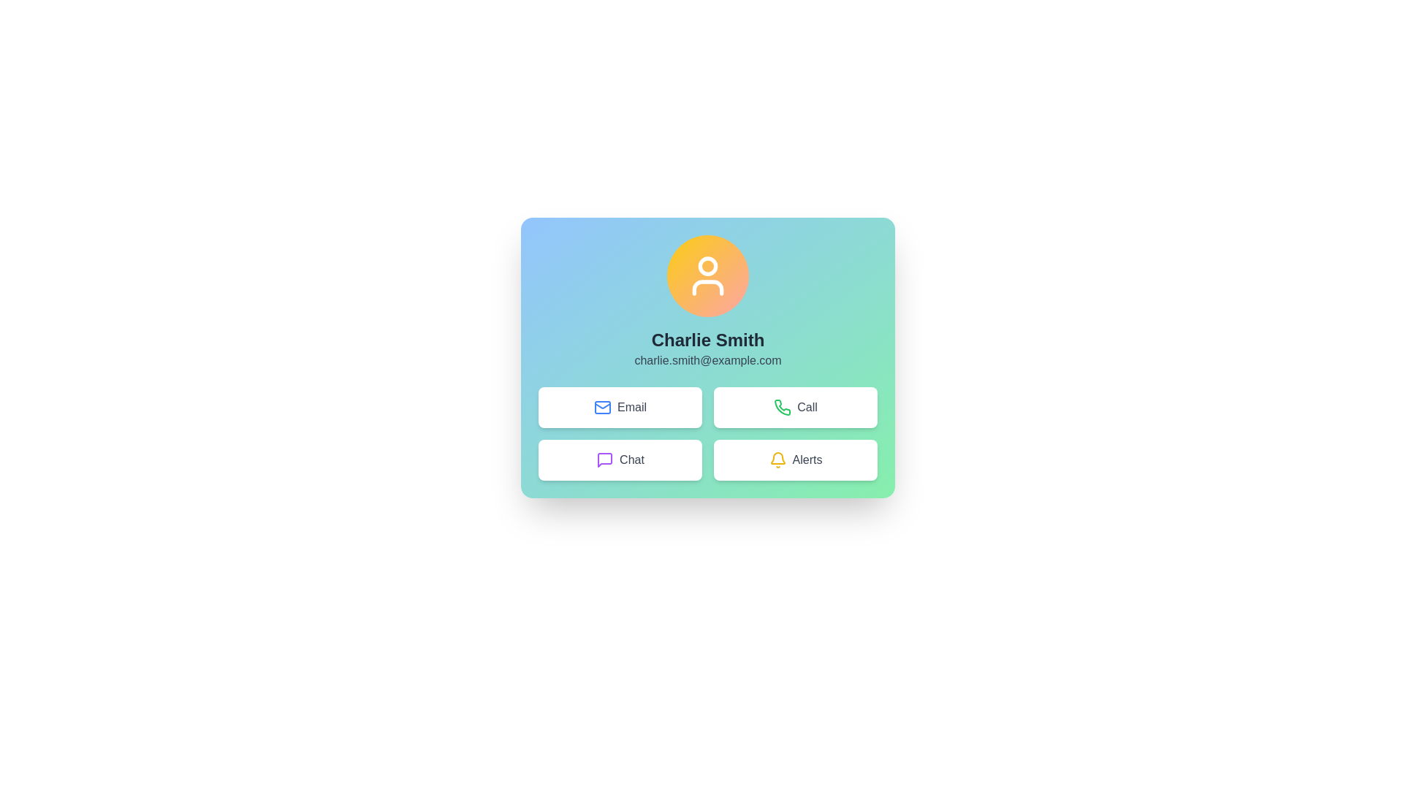  Describe the element at coordinates (708, 340) in the screenshot. I see `the text representing the user's name located at the top-center of the card-like component, positioned below the user icon and above the email address` at that location.